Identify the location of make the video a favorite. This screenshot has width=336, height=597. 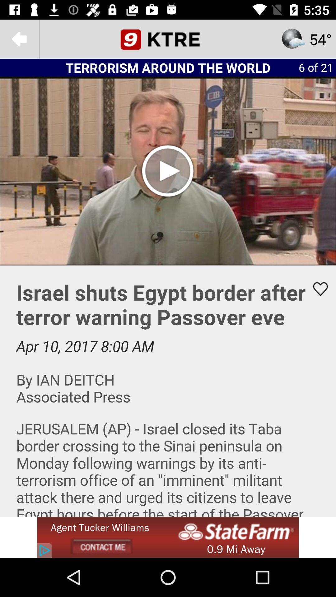
(316, 289).